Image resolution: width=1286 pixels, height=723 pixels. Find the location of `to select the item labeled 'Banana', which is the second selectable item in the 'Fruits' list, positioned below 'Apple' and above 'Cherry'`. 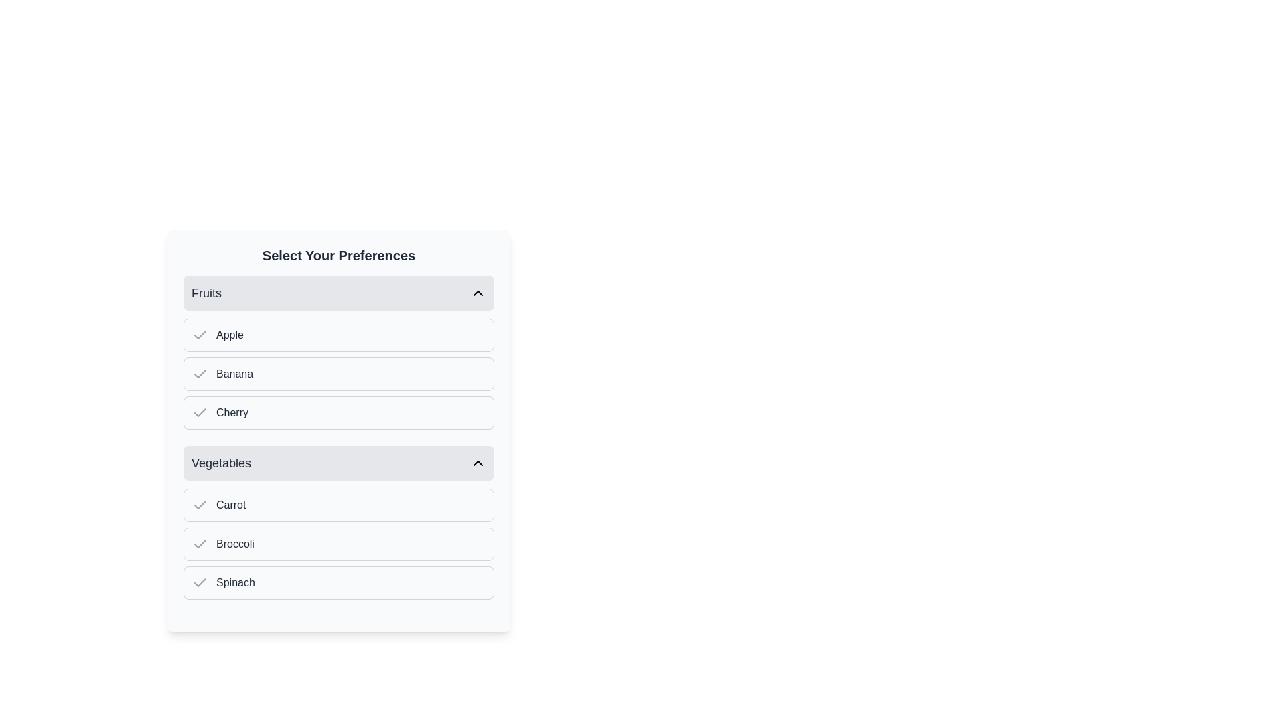

to select the item labeled 'Banana', which is the second selectable item in the 'Fruits' list, positioned below 'Apple' and above 'Cherry' is located at coordinates (338, 374).